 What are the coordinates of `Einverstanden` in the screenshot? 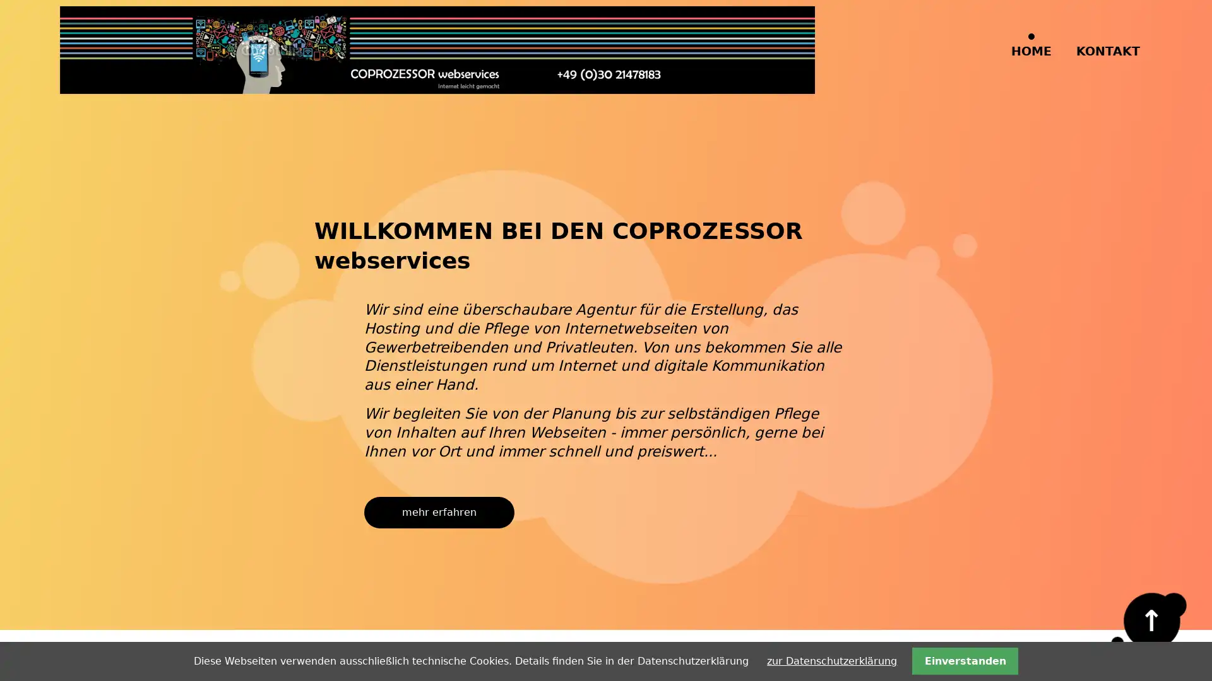 It's located at (964, 660).